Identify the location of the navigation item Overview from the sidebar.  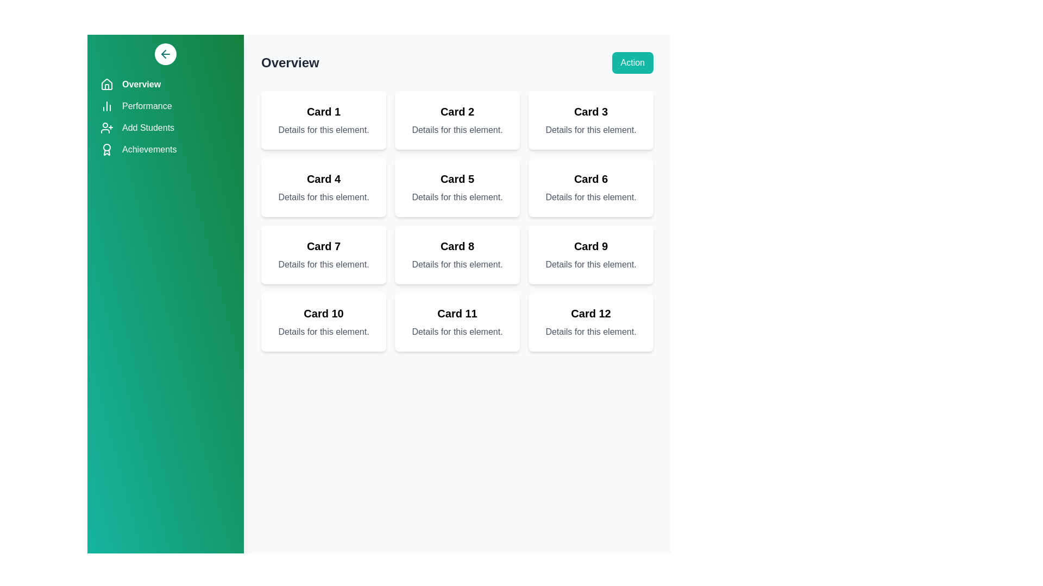
(165, 84).